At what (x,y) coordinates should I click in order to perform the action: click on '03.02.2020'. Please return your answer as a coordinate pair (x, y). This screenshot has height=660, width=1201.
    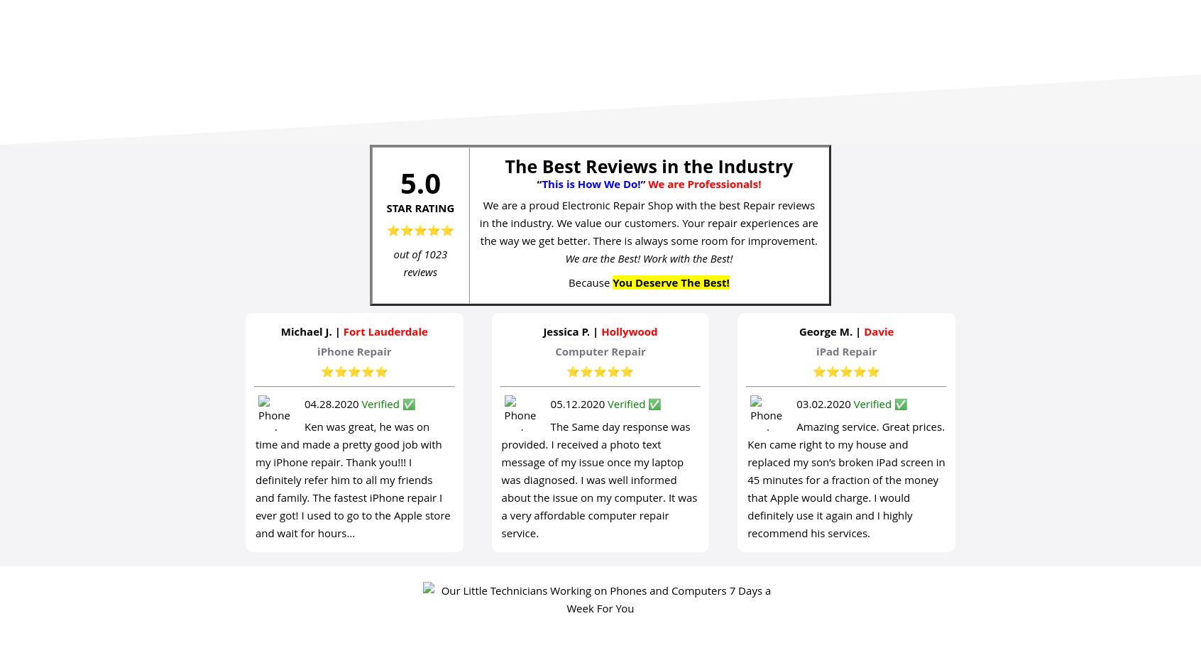
    Looking at the image, I should click on (824, 403).